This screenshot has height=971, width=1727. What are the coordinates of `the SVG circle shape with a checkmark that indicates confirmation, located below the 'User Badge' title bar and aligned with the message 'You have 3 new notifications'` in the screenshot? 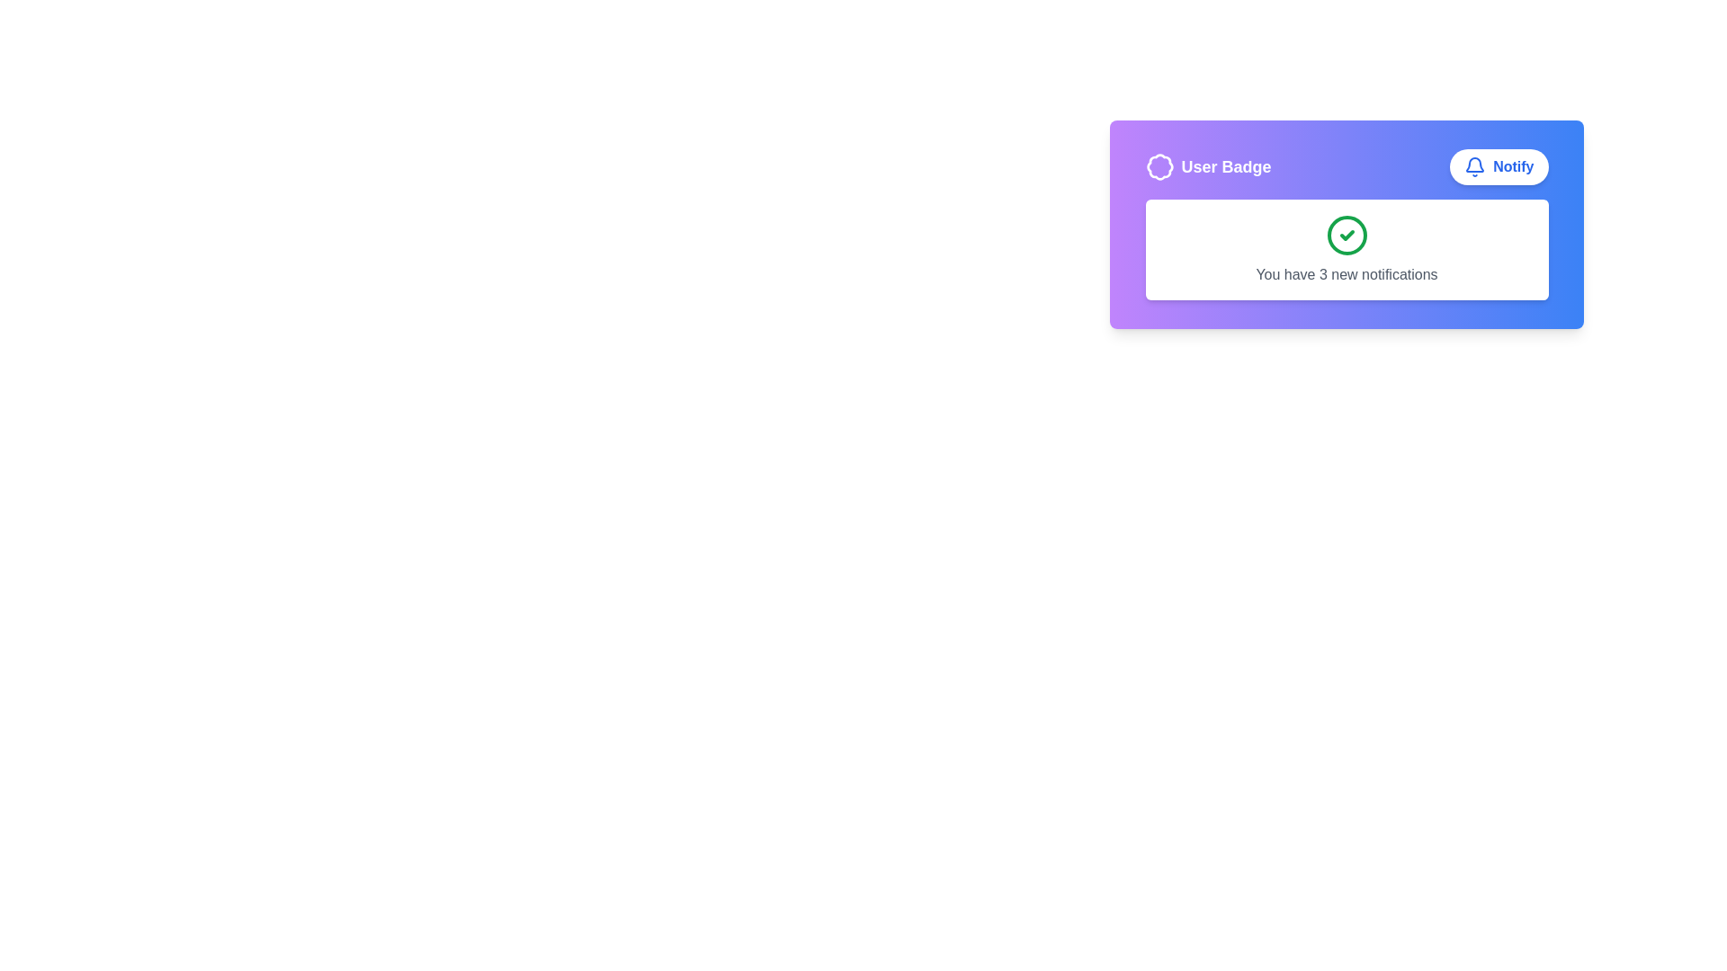 It's located at (1347, 235).